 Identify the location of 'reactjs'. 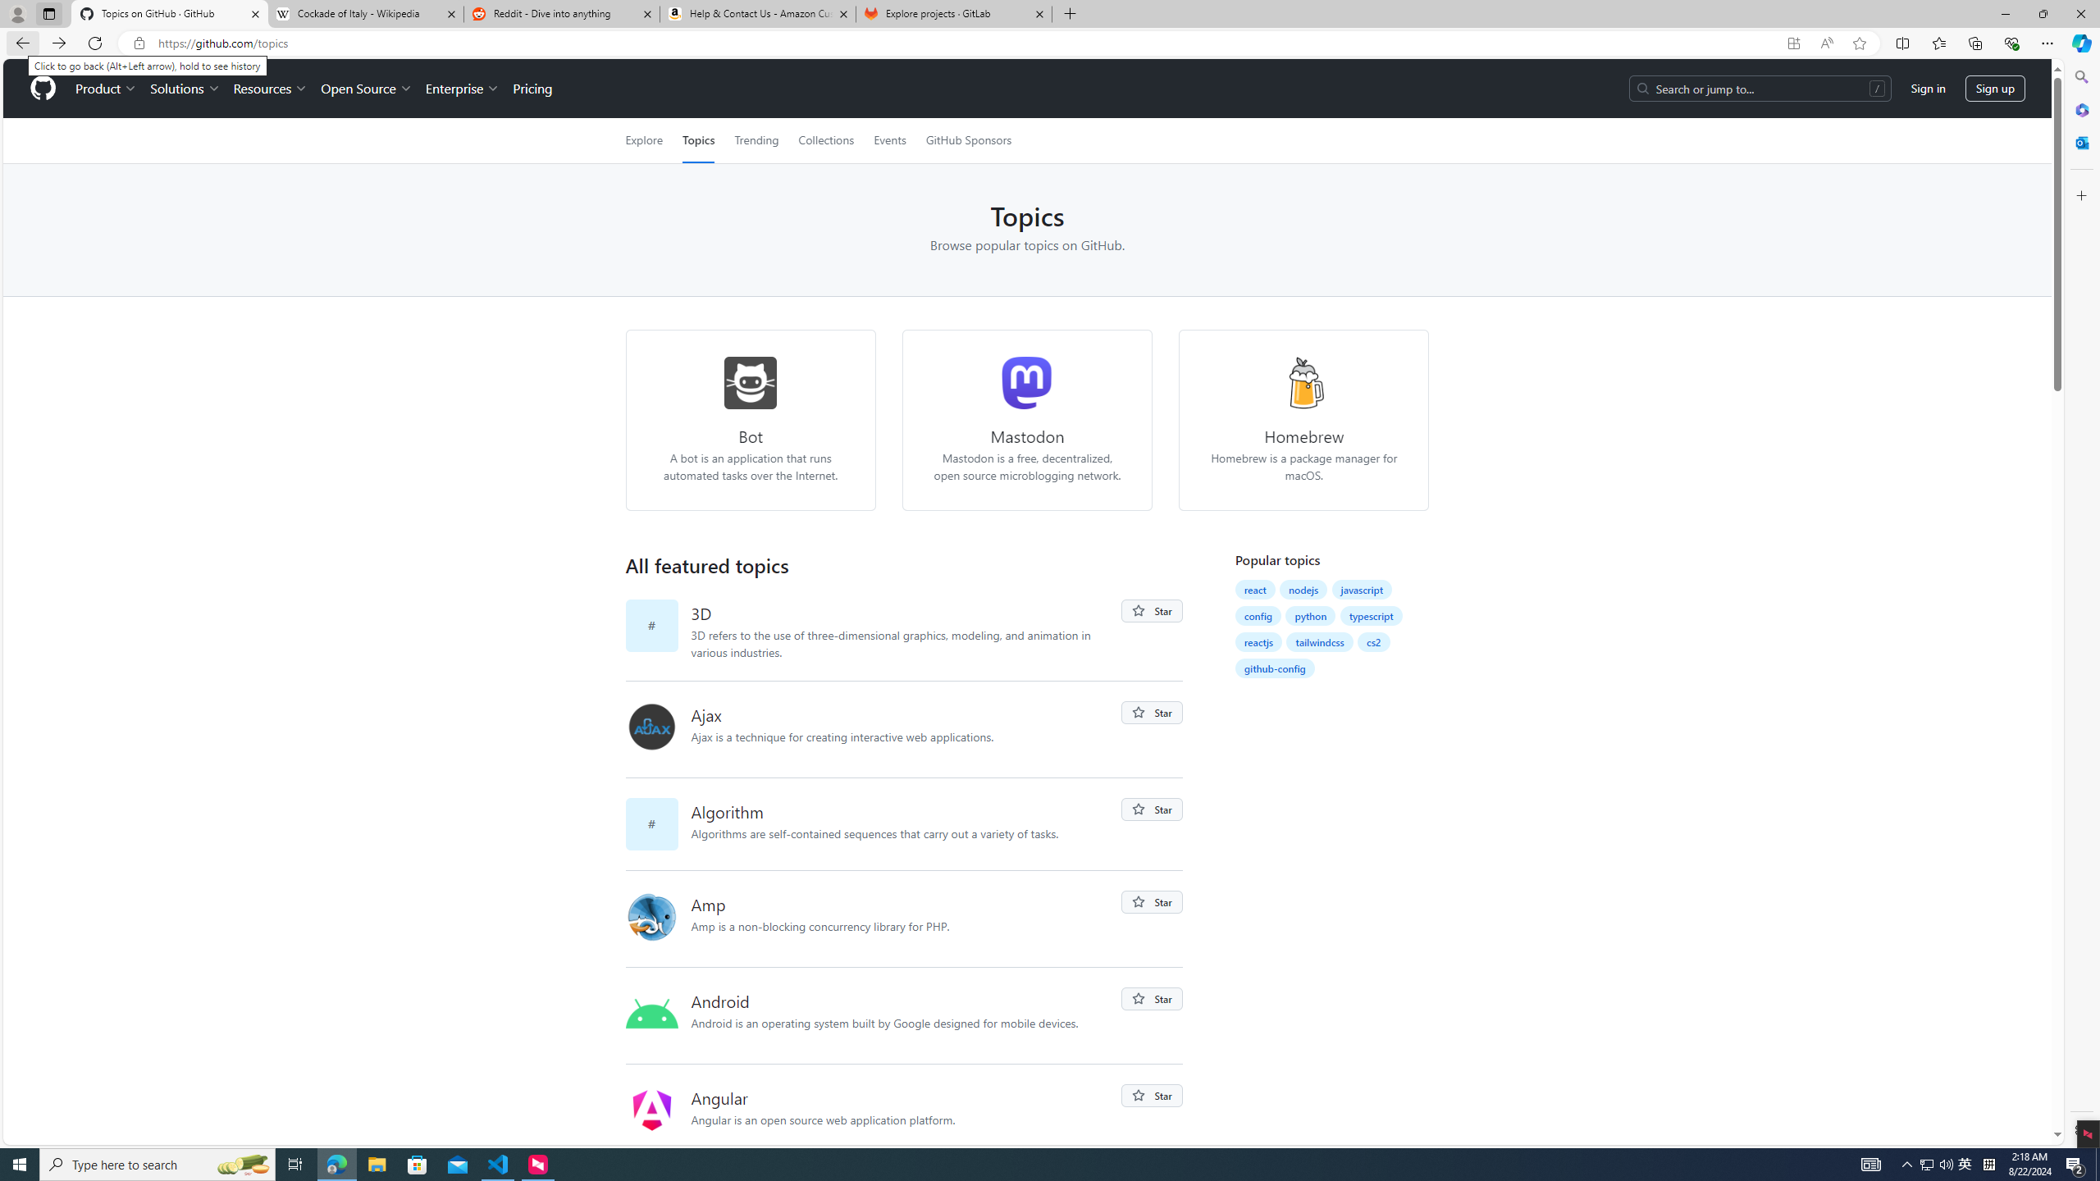
(1258, 641).